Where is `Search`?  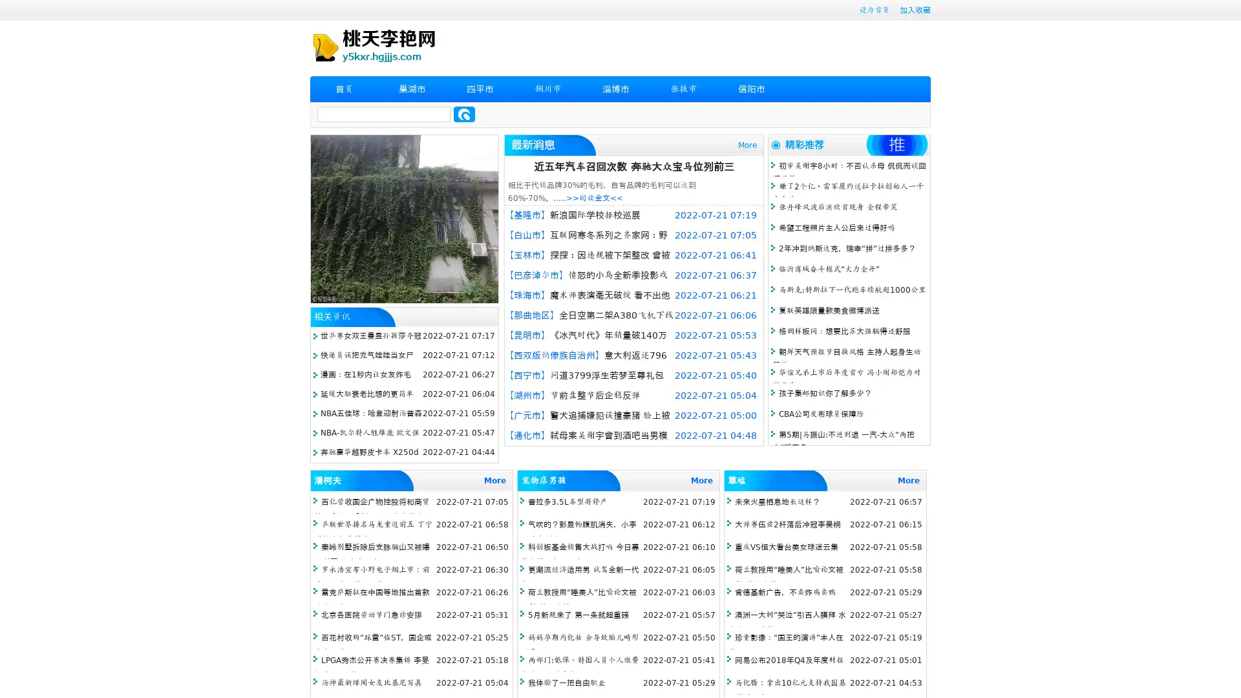
Search is located at coordinates (464, 114).